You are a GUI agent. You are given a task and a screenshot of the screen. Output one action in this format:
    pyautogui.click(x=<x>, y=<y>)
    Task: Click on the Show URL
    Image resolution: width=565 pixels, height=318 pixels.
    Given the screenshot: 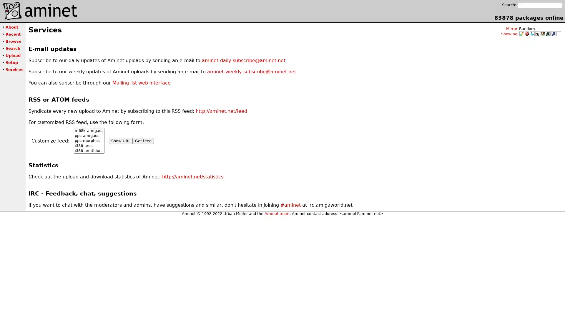 What is the action you would take?
    pyautogui.click(x=120, y=141)
    